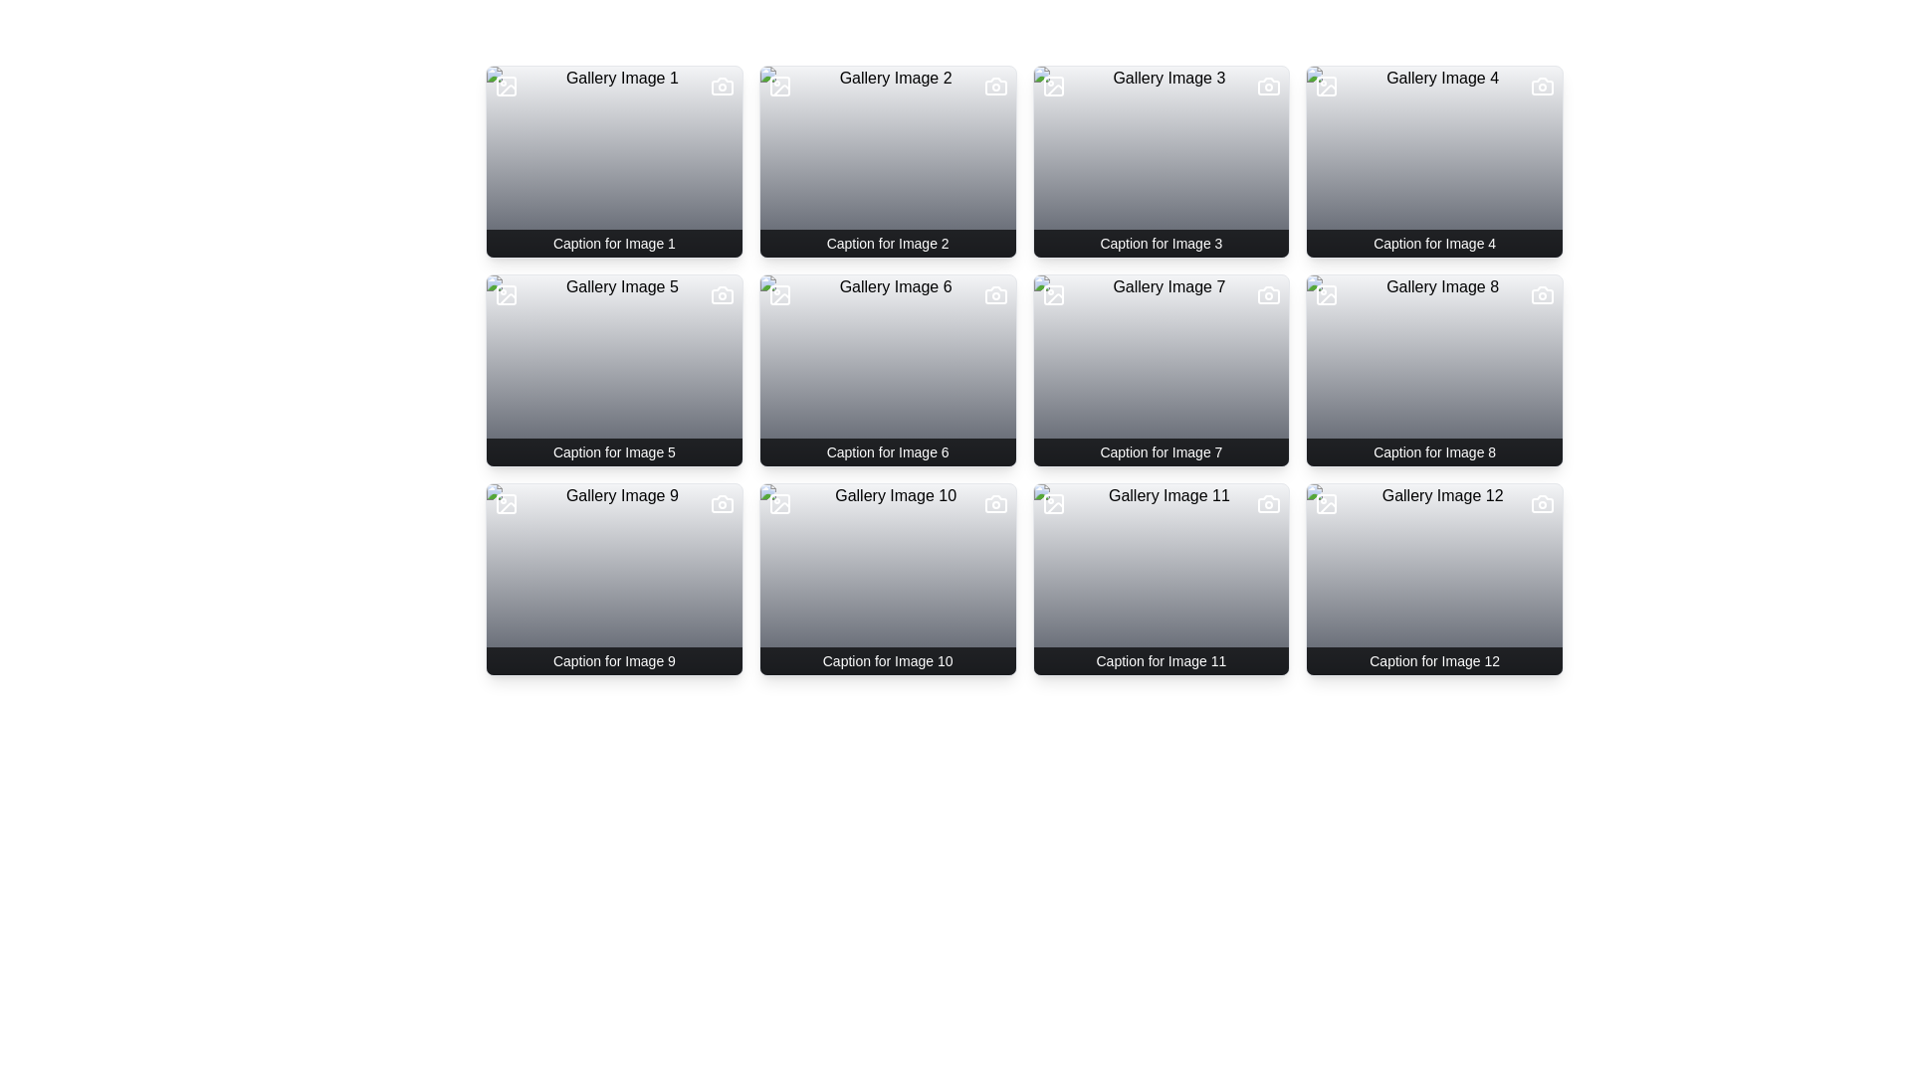 The height and width of the screenshot is (1074, 1911). I want to click on the icon located at the top-left corner of the fourth gallery card, which visually represents an image component above the text 'Gallery Image 4' and 'Caption for Image 4', so click(1327, 86).